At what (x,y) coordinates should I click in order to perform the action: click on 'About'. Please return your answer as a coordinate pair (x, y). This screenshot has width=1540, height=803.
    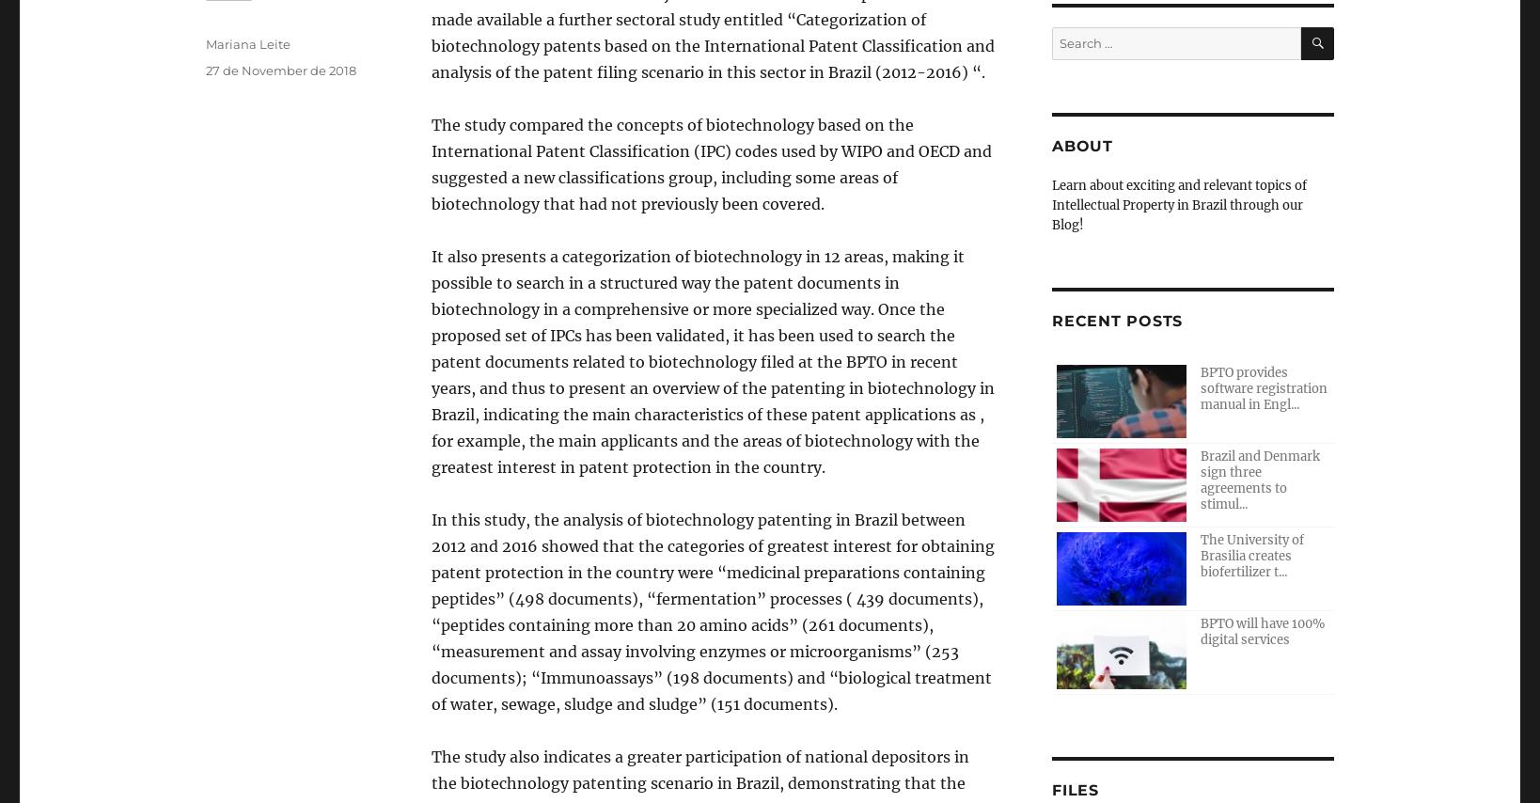
    Looking at the image, I should click on (1052, 146).